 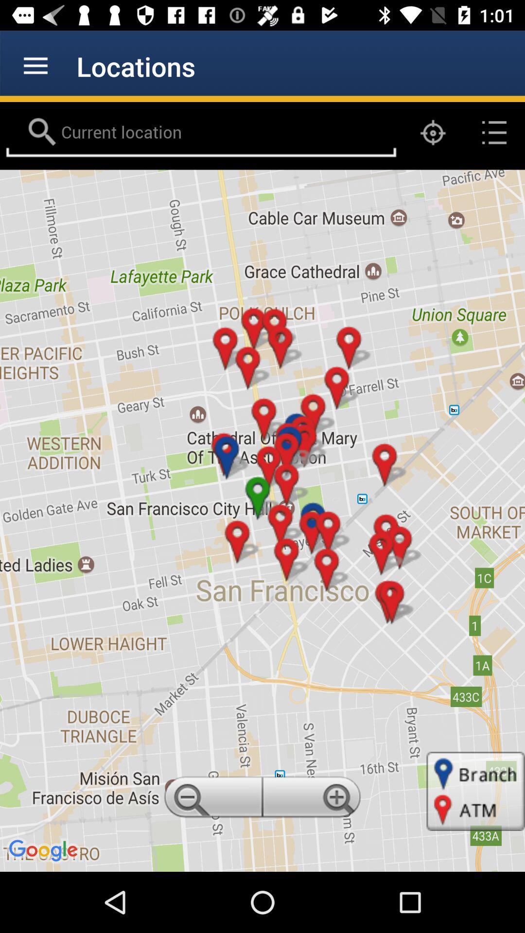 I want to click on icon at the center, so click(x=262, y=520).